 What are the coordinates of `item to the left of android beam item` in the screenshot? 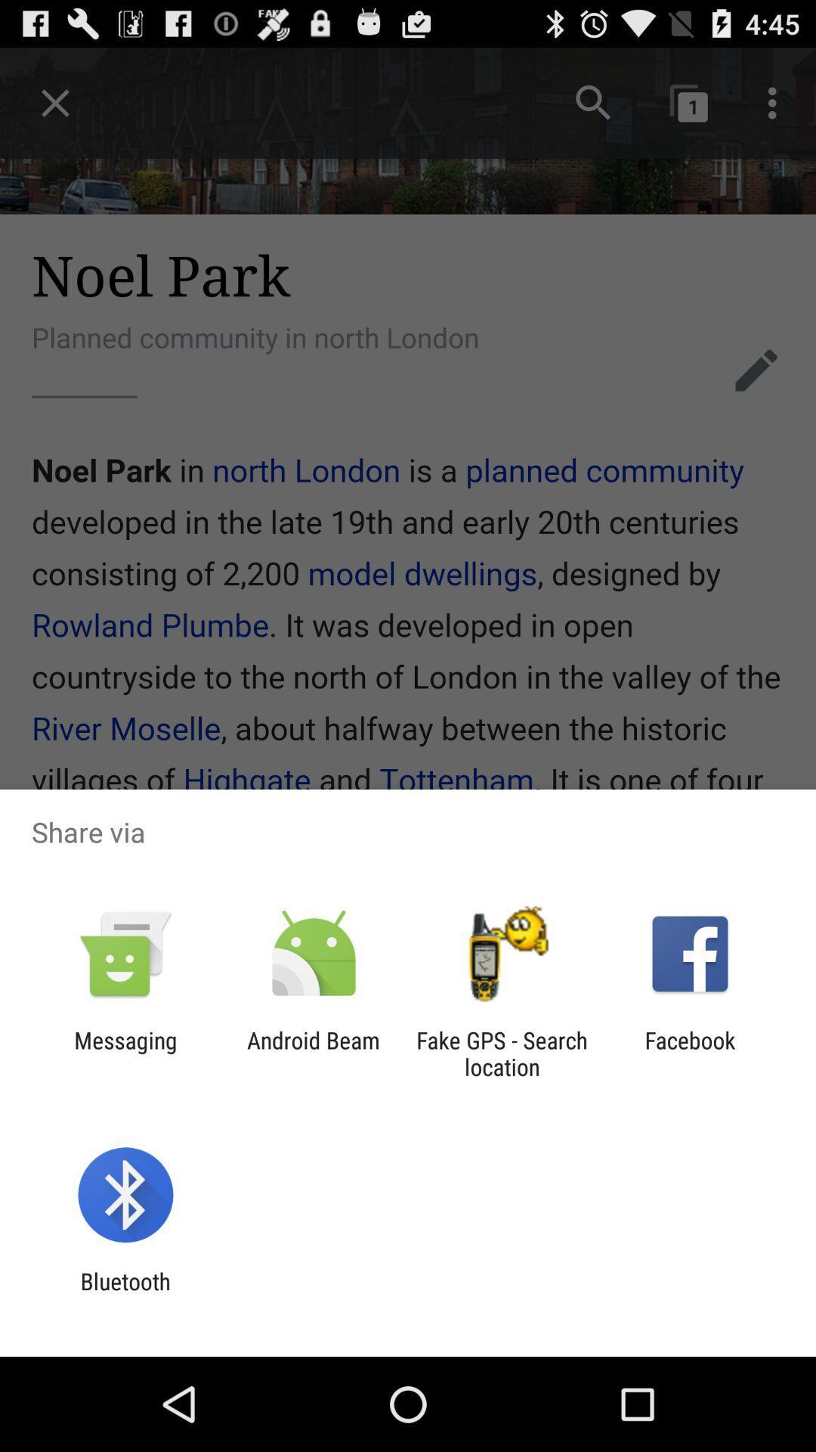 It's located at (125, 1053).